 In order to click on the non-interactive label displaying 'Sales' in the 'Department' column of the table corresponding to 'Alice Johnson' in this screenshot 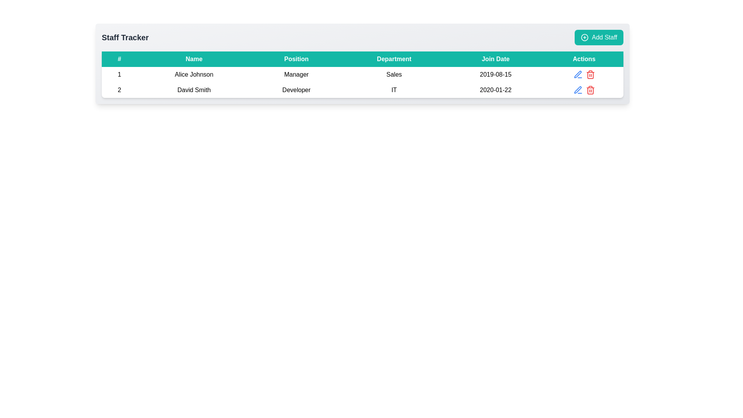, I will do `click(394, 74)`.